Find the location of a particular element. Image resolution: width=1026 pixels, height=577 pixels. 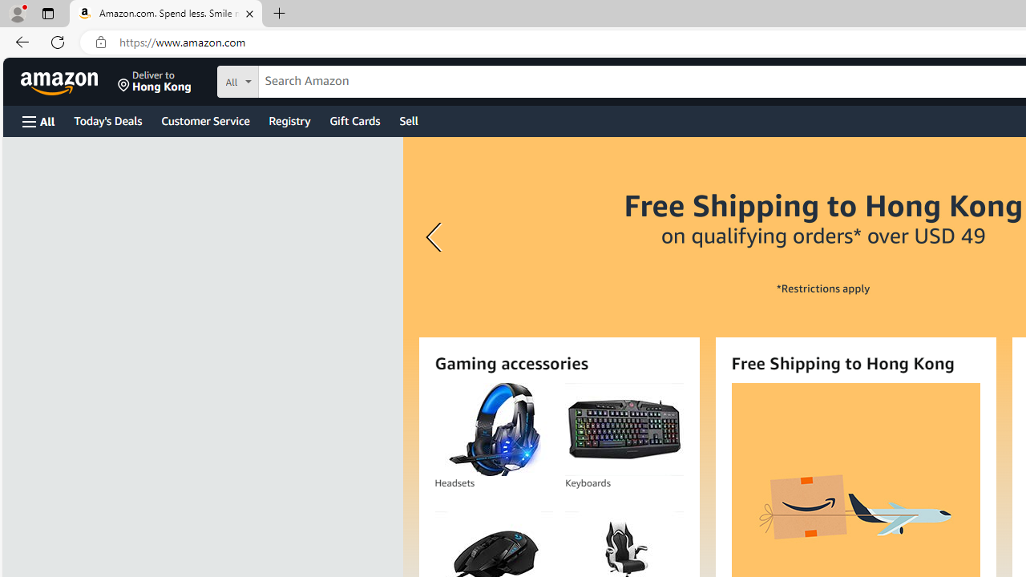

'Amazon.com. Spend less. Smile more.' is located at coordinates (166, 14).